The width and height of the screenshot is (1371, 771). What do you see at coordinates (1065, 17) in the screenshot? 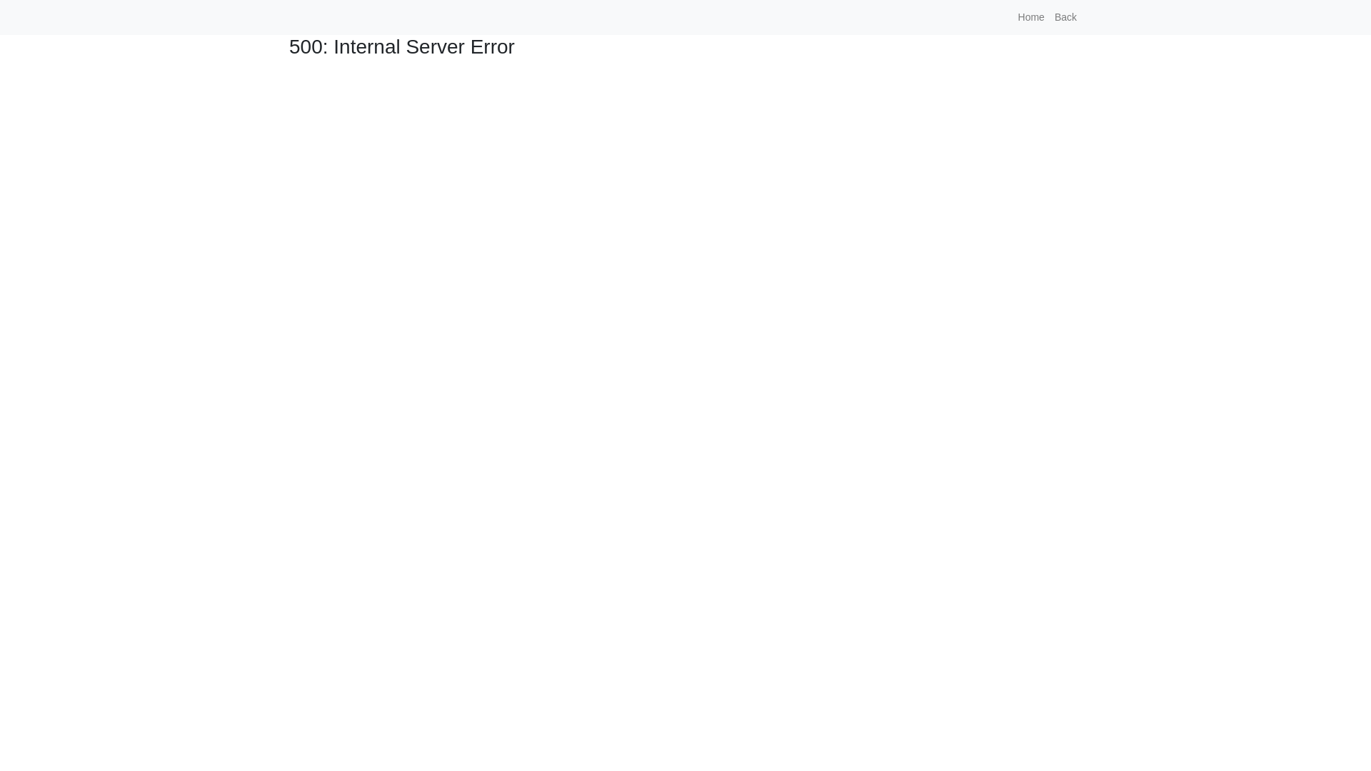
I see `'Back'` at bounding box center [1065, 17].